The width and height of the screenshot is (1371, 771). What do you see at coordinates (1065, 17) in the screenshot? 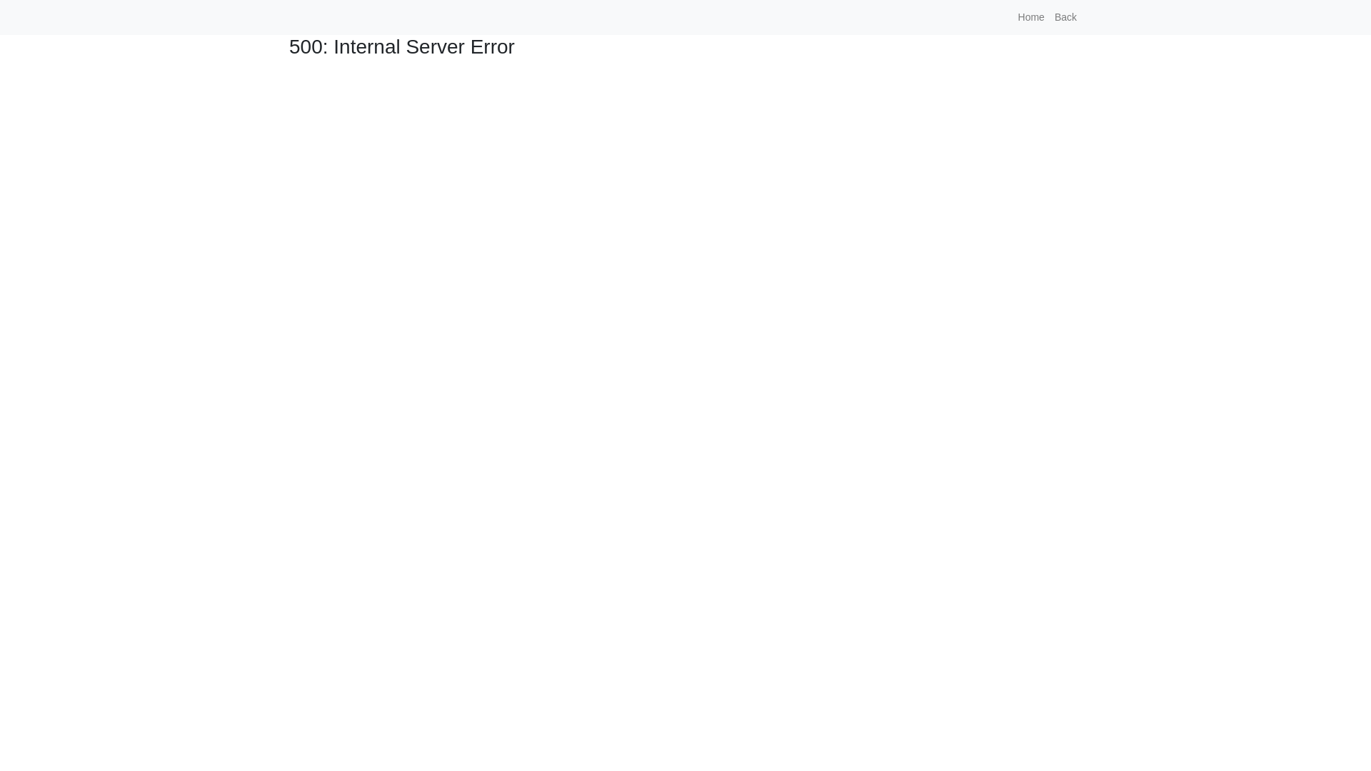
I see `'Back'` at bounding box center [1065, 17].